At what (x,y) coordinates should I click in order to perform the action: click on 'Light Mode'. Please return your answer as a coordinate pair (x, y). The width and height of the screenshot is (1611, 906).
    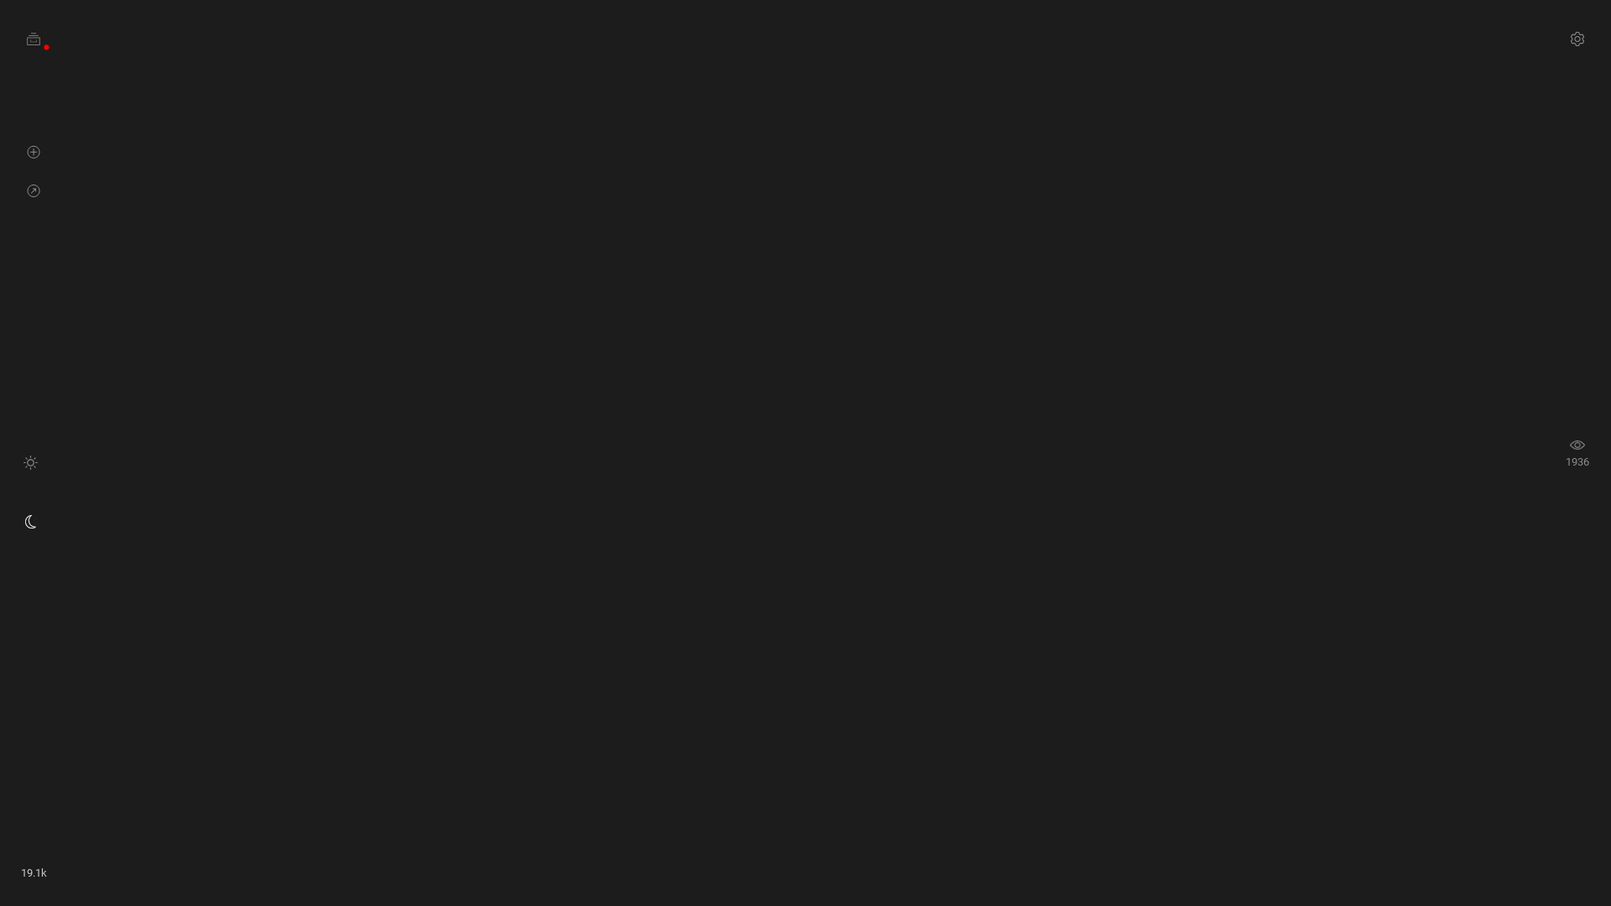
    Looking at the image, I should click on (30, 461).